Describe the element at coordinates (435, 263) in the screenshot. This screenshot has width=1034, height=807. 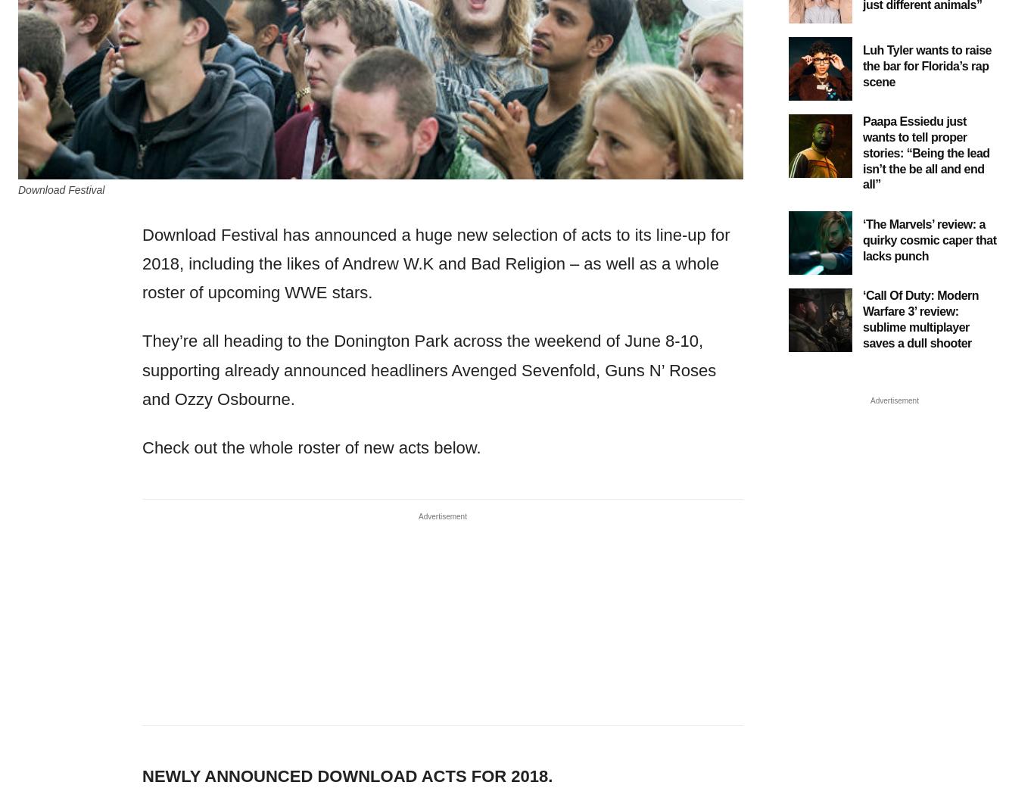
I see `'Download Festival has announced a huge new selection of acts to its line-up for 2018, including the likes of Andrew W.K and Bad Religion – as well as a whole roster of upcoming WWE stars.'` at that location.